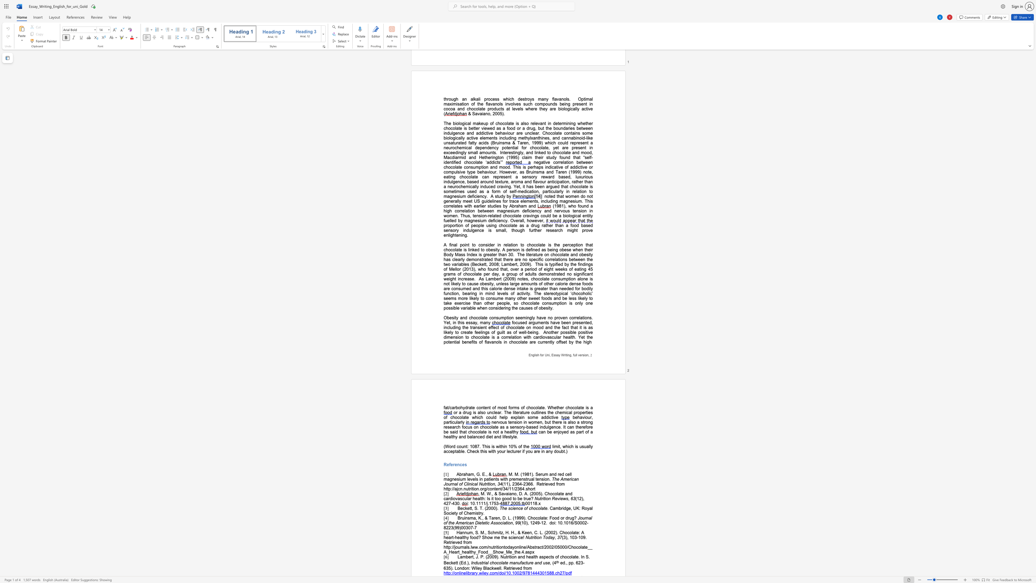 The width and height of the screenshot is (1036, 583). What do you see at coordinates (477, 508) in the screenshot?
I see `the subset text ". T" within the text "Beckett, S. T. (2000)."` at bounding box center [477, 508].